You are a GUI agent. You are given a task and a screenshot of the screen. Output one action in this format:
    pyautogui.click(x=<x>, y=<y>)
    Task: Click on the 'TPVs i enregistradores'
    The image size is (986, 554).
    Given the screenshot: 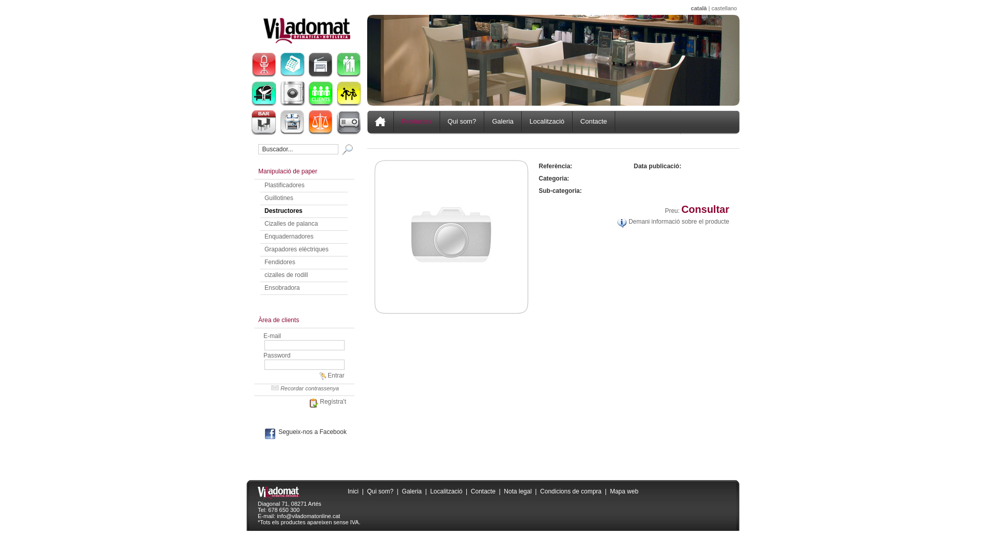 What is the action you would take?
    pyautogui.click(x=292, y=65)
    